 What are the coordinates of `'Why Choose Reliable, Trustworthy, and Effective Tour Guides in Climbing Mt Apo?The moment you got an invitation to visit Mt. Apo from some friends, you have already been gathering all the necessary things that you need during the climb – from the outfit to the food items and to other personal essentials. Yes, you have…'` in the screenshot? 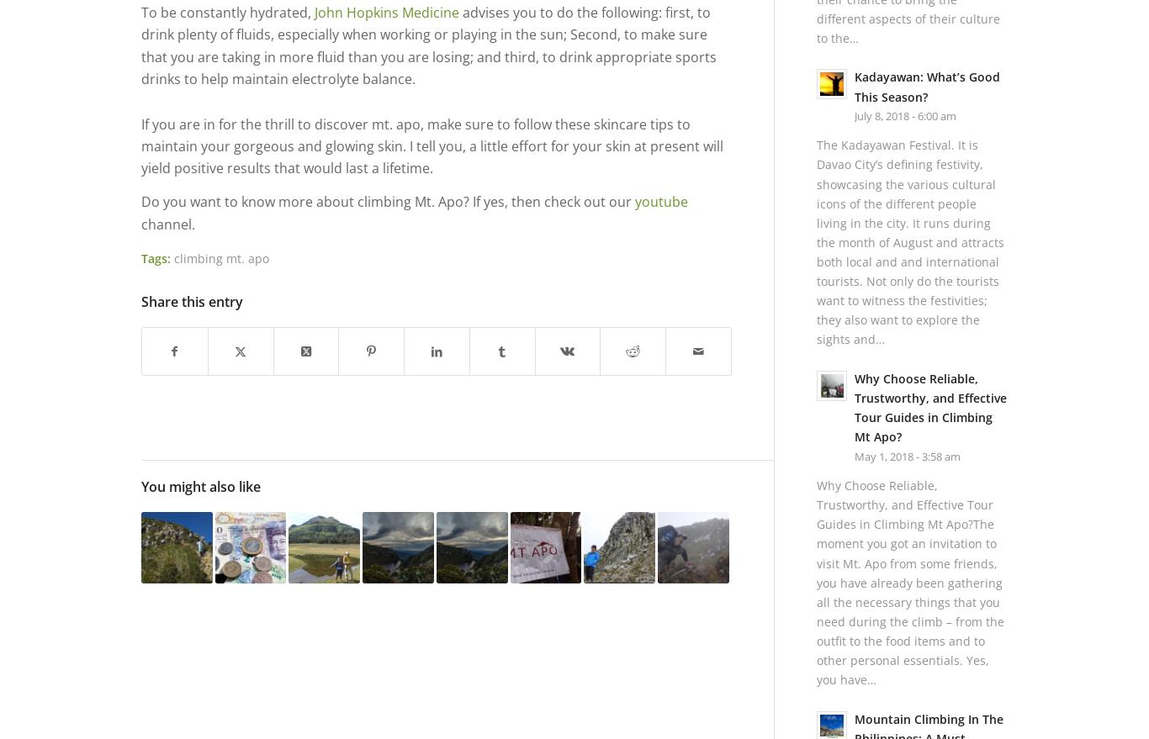 It's located at (815, 583).